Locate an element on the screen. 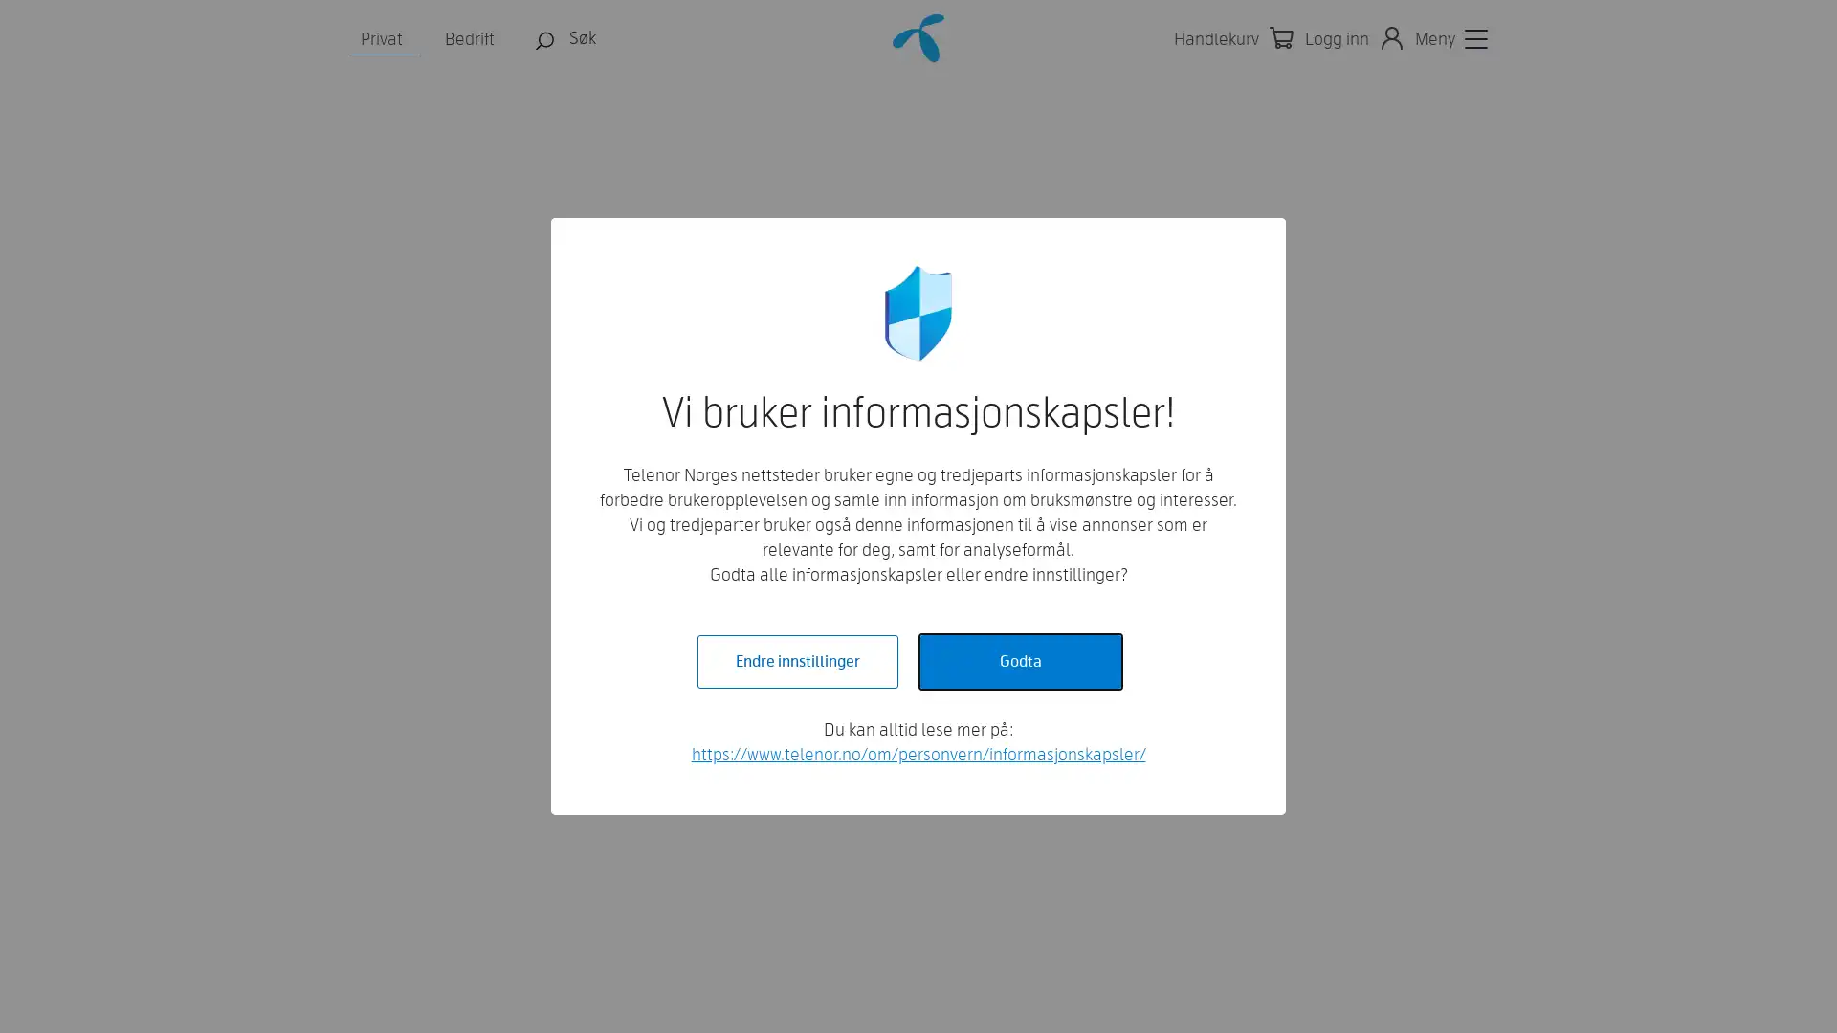 This screenshot has width=1837, height=1033. Meny is located at coordinates (1450, 39).